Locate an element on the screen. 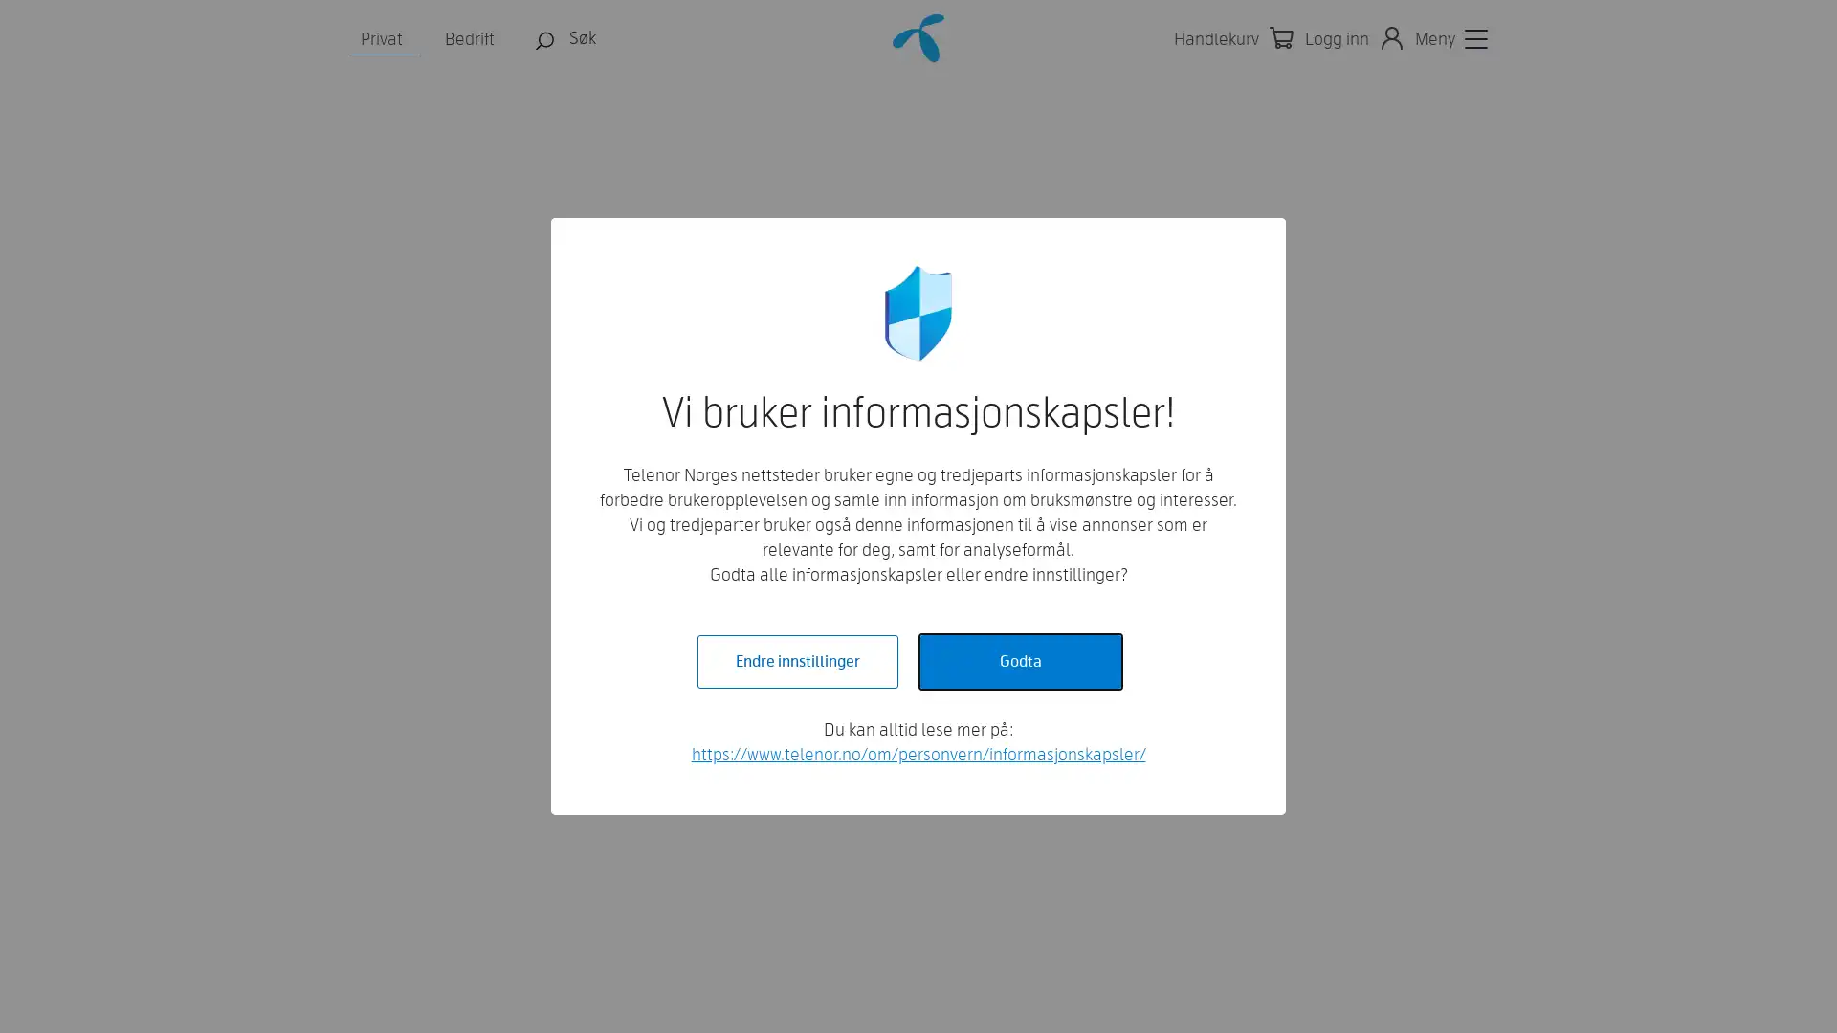 This screenshot has width=1837, height=1033. Meny is located at coordinates (1450, 39).